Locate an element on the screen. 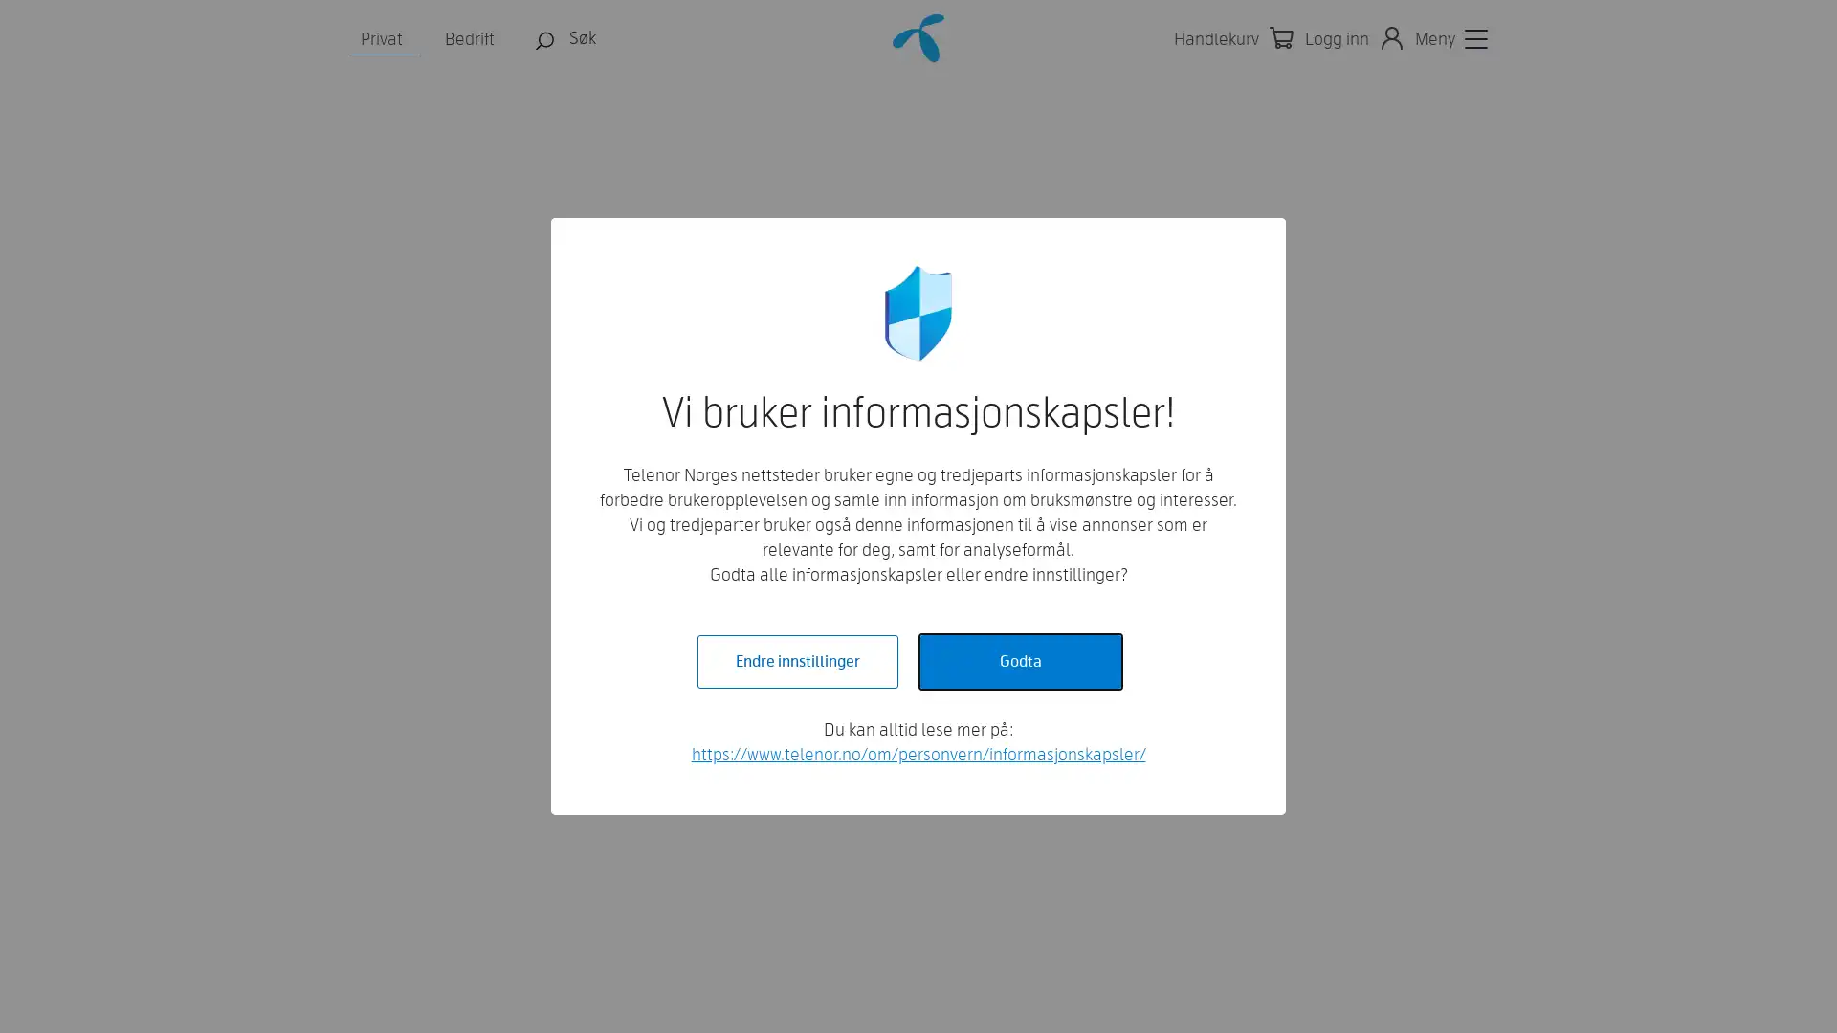 This screenshot has width=1837, height=1033. Meny is located at coordinates (1450, 39).